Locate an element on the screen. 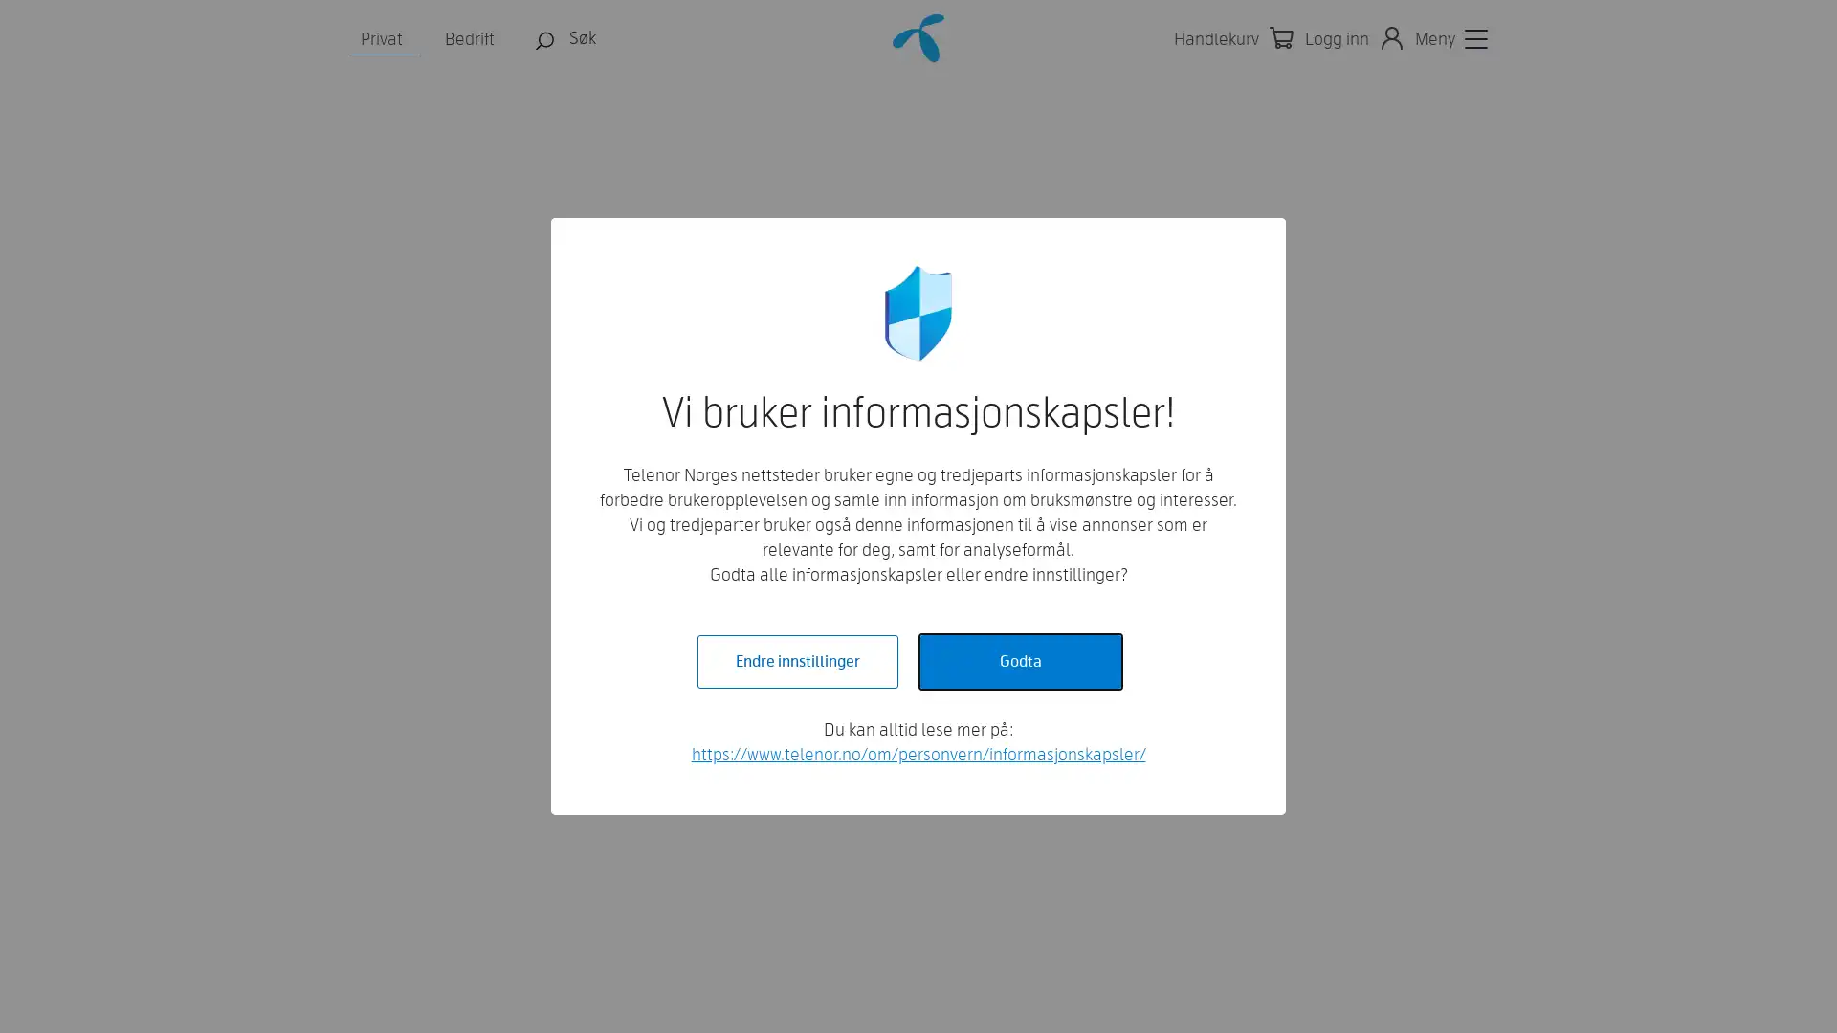 This screenshot has width=1837, height=1033. Meny is located at coordinates (1450, 39).